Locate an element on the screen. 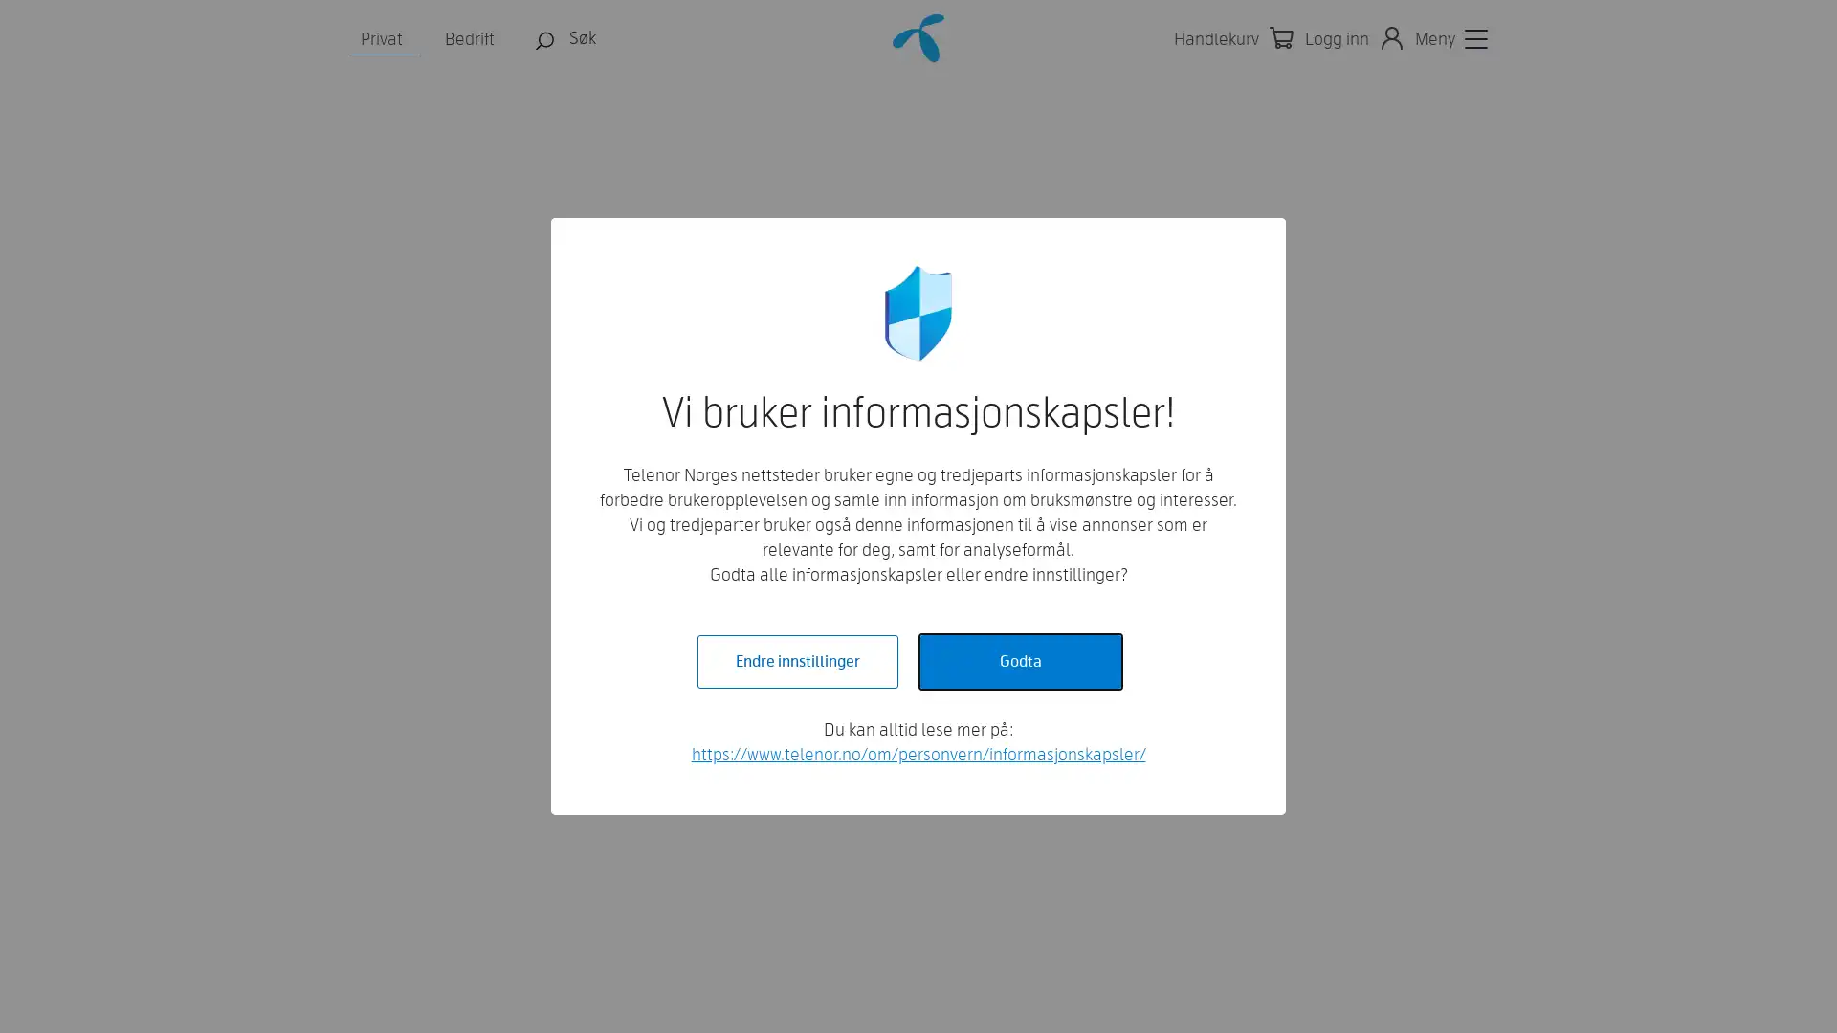 This screenshot has width=1837, height=1033. Meny is located at coordinates (1450, 39).